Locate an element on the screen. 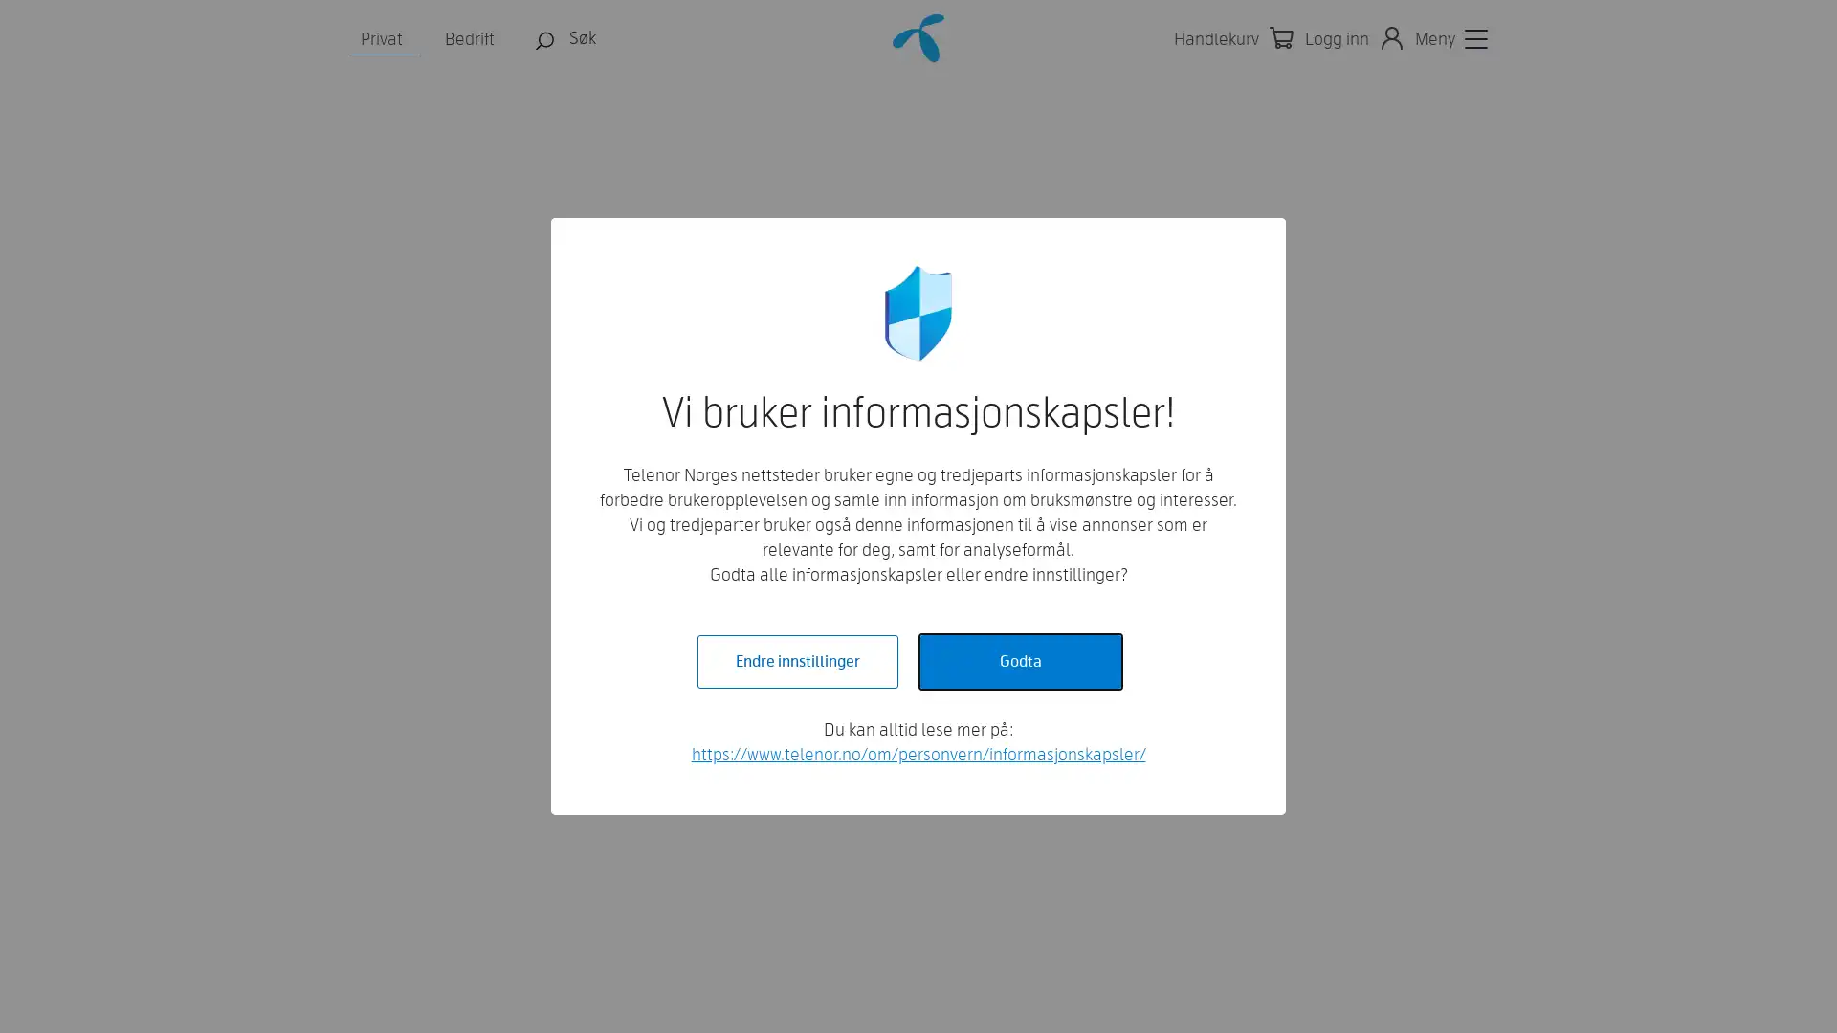 This screenshot has width=1837, height=1033. Meny is located at coordinates (1450, 39).